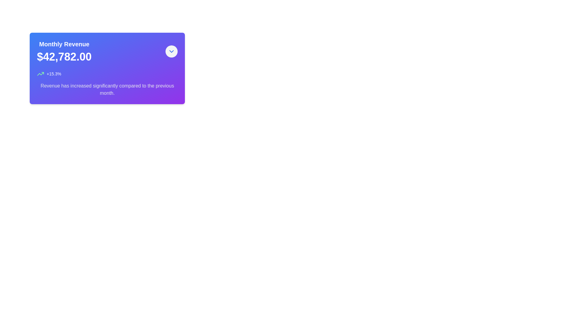 The image size is (582, 327). What do you see at coordinates (64, 51) in the screenshot?
I see `the 'Monthly Revenue' text display element that shows the value '$42,782.00' on a gradient background` at bounding box center [64, 51].